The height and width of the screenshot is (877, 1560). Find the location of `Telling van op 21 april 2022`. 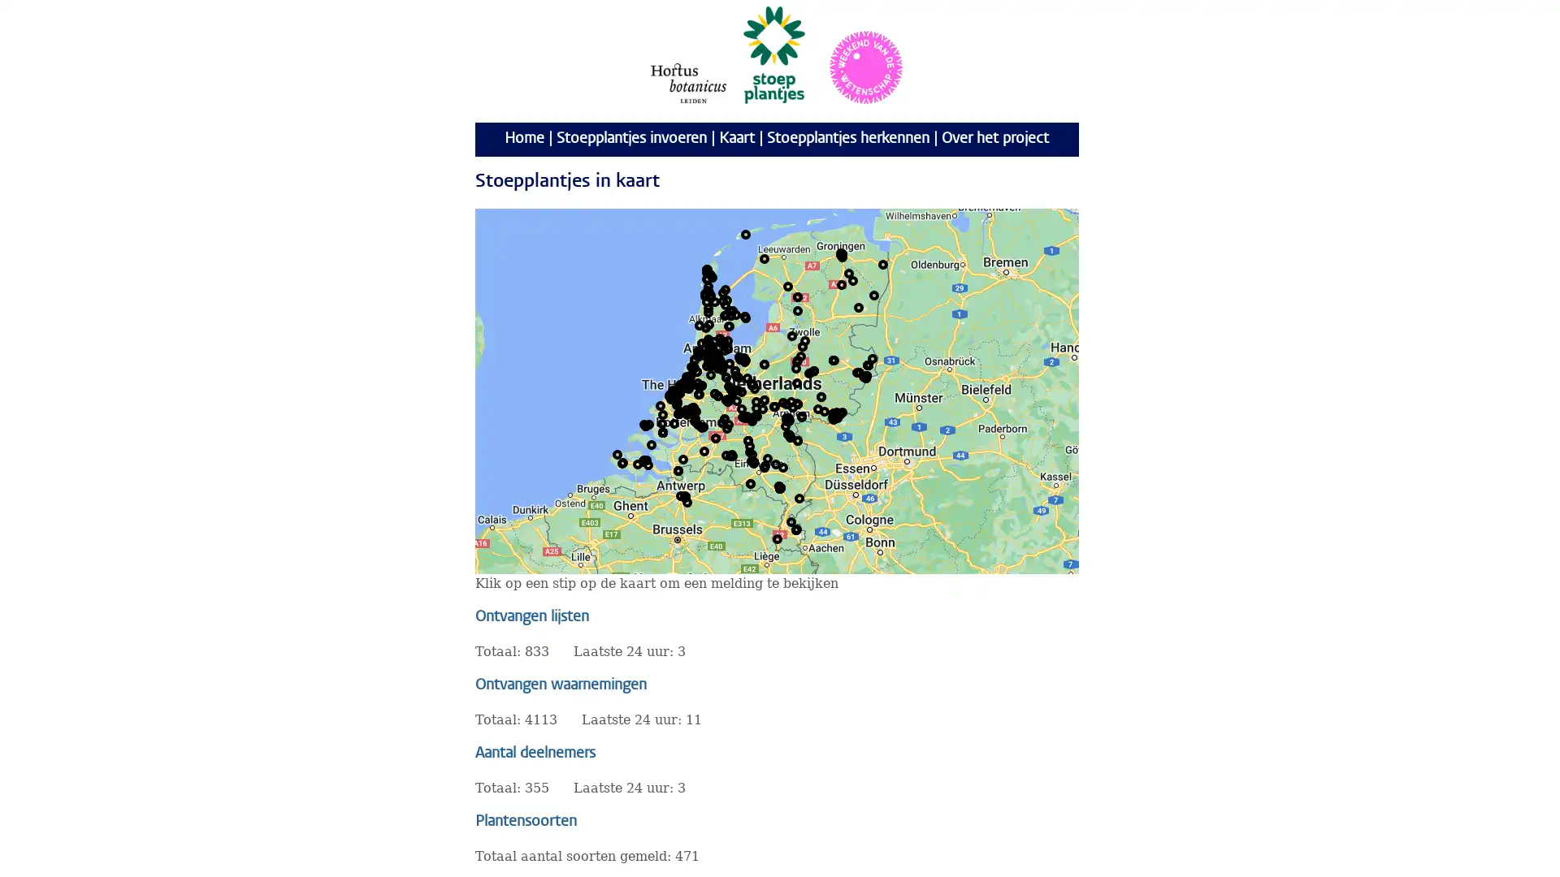

Telling van op 21 april 2022 is located at coordinates (703, 425).